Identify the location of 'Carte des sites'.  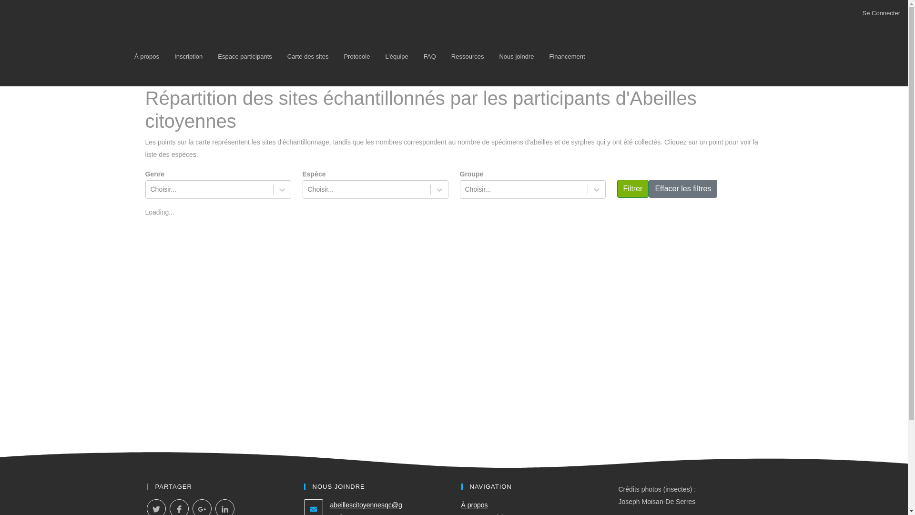
(308, 56).